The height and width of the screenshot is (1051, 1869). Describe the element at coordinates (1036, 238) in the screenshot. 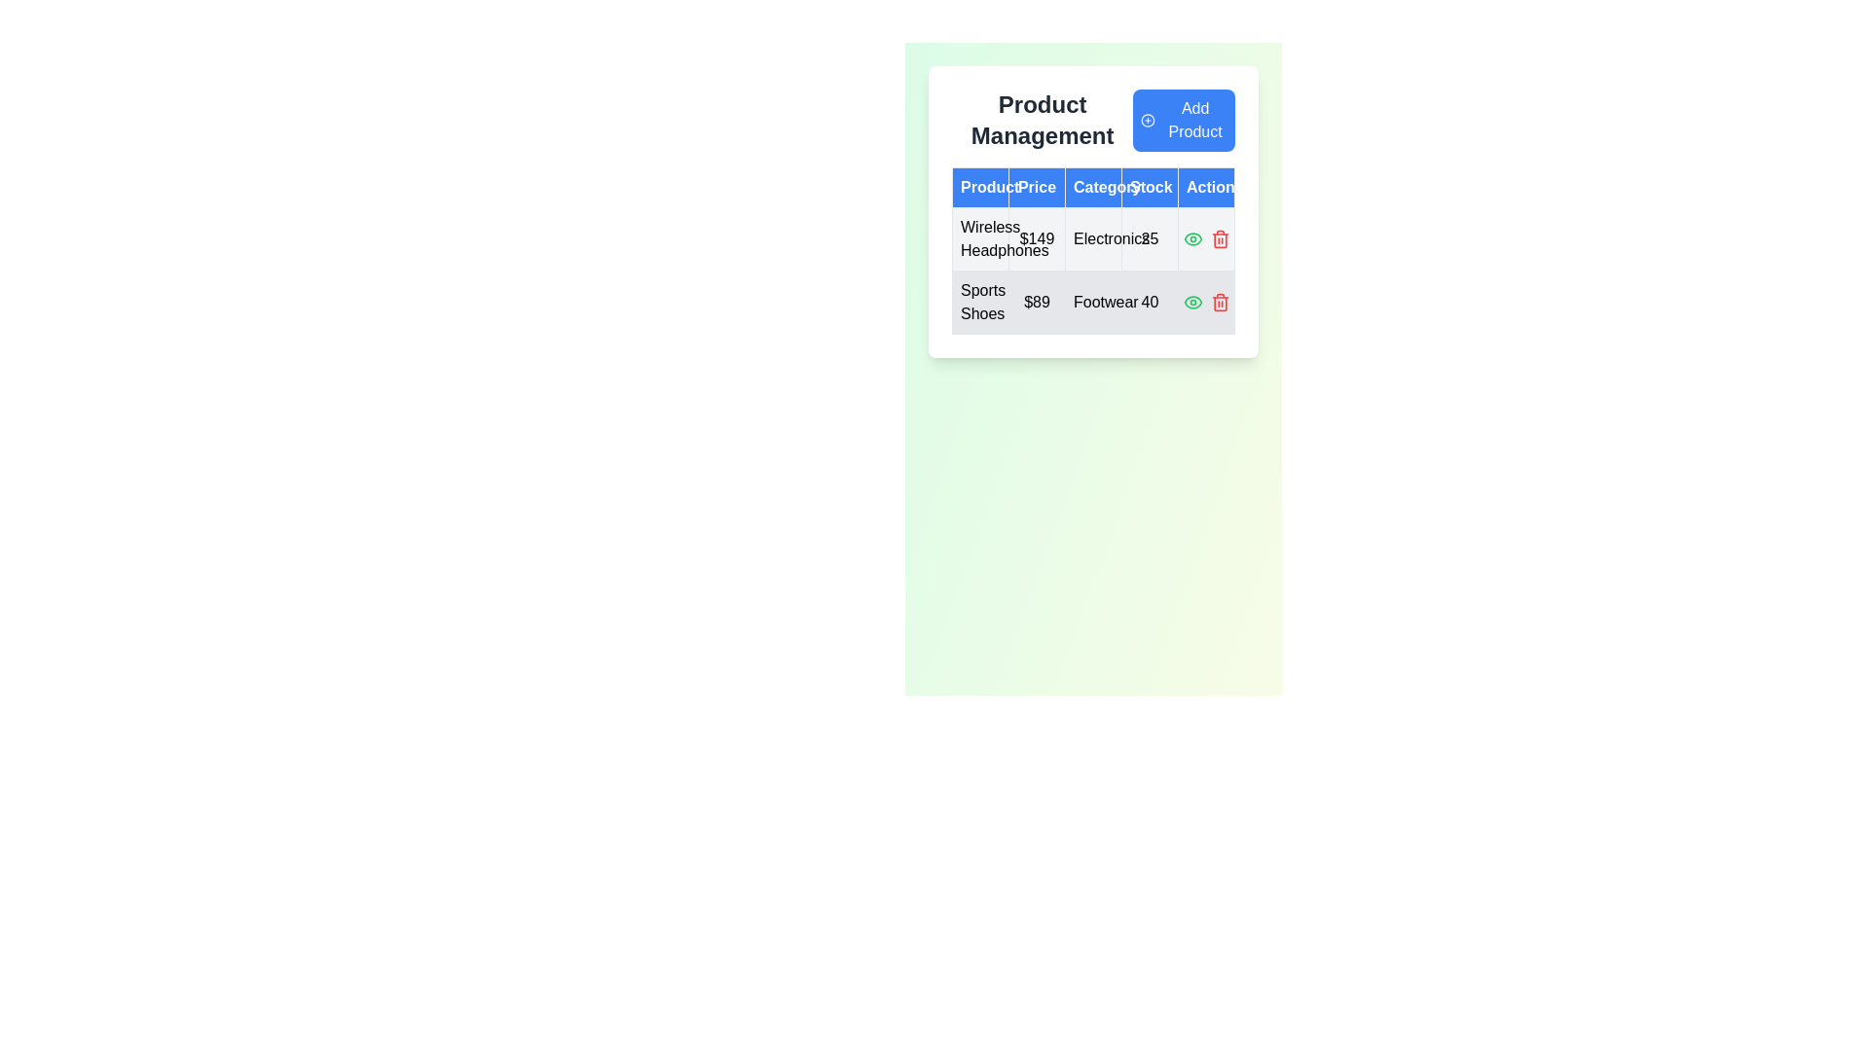

I see `the price display element showing '$149' in the second cell under the 'Price' column of the table` at that location.